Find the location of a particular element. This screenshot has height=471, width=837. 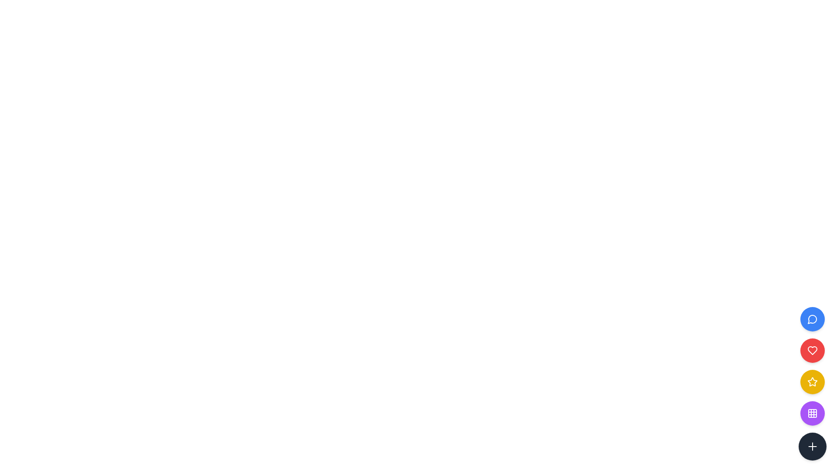

the circular yellow button with a white star icon at its center, located third from the bottom in a vertical stack on the far-right side is located at coordinates (812, 381).